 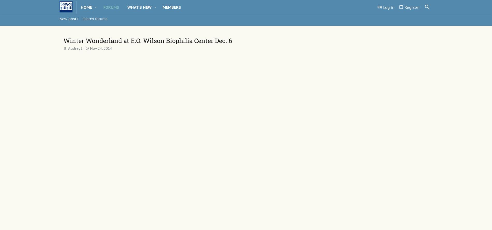 I want to click on 'Location :', so click(x=106, y=164).